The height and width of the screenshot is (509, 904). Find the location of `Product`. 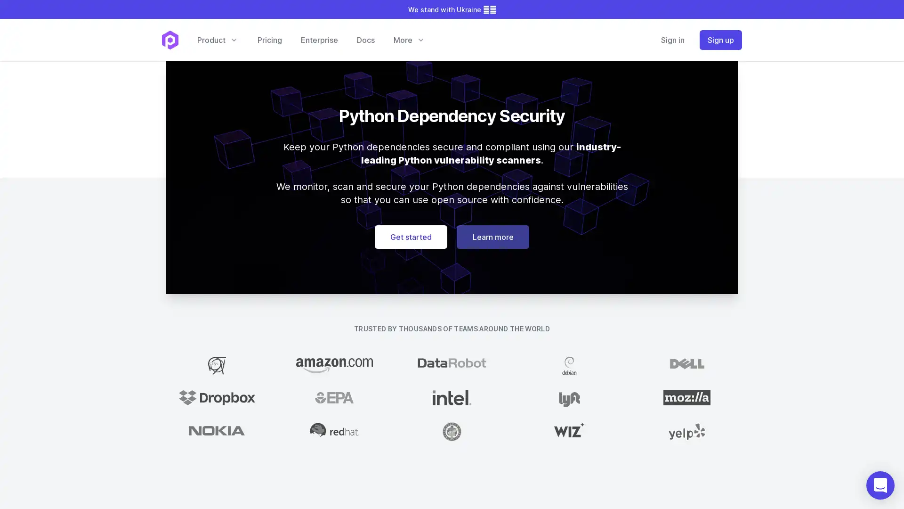

Product is located at coordinates (217, 39).